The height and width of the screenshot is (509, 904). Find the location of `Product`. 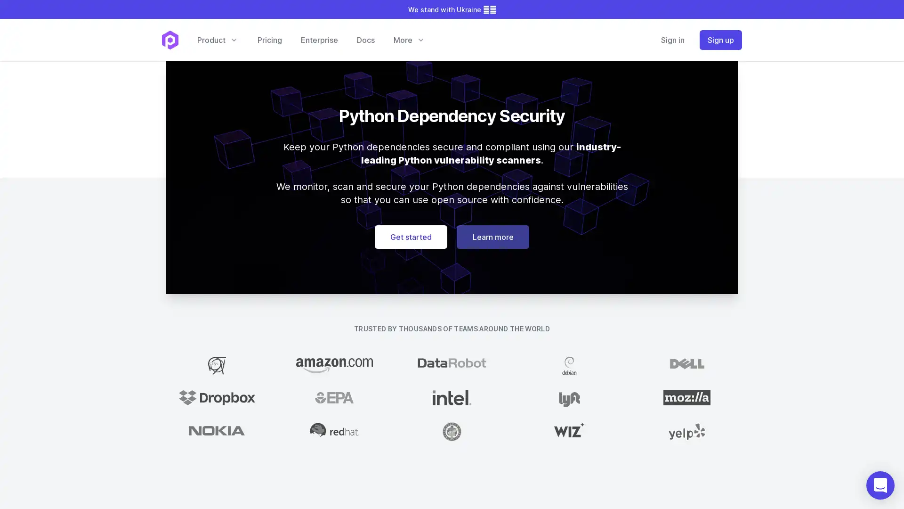

Product is located at coordinates (217, 39).